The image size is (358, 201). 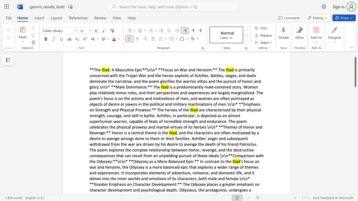 I want to click on the scrollbar and move down 1220 pixels, so click(x=355, y=71).